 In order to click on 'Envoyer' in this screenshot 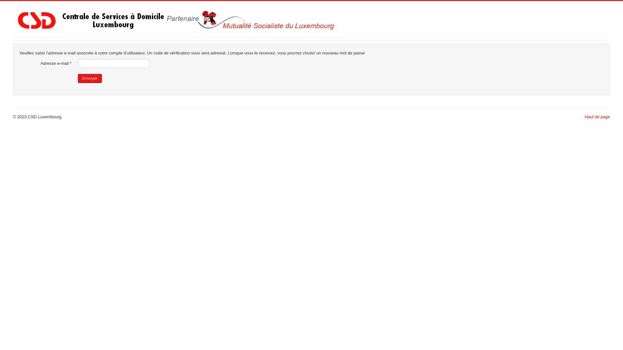, I will do `click(90, 78)`.